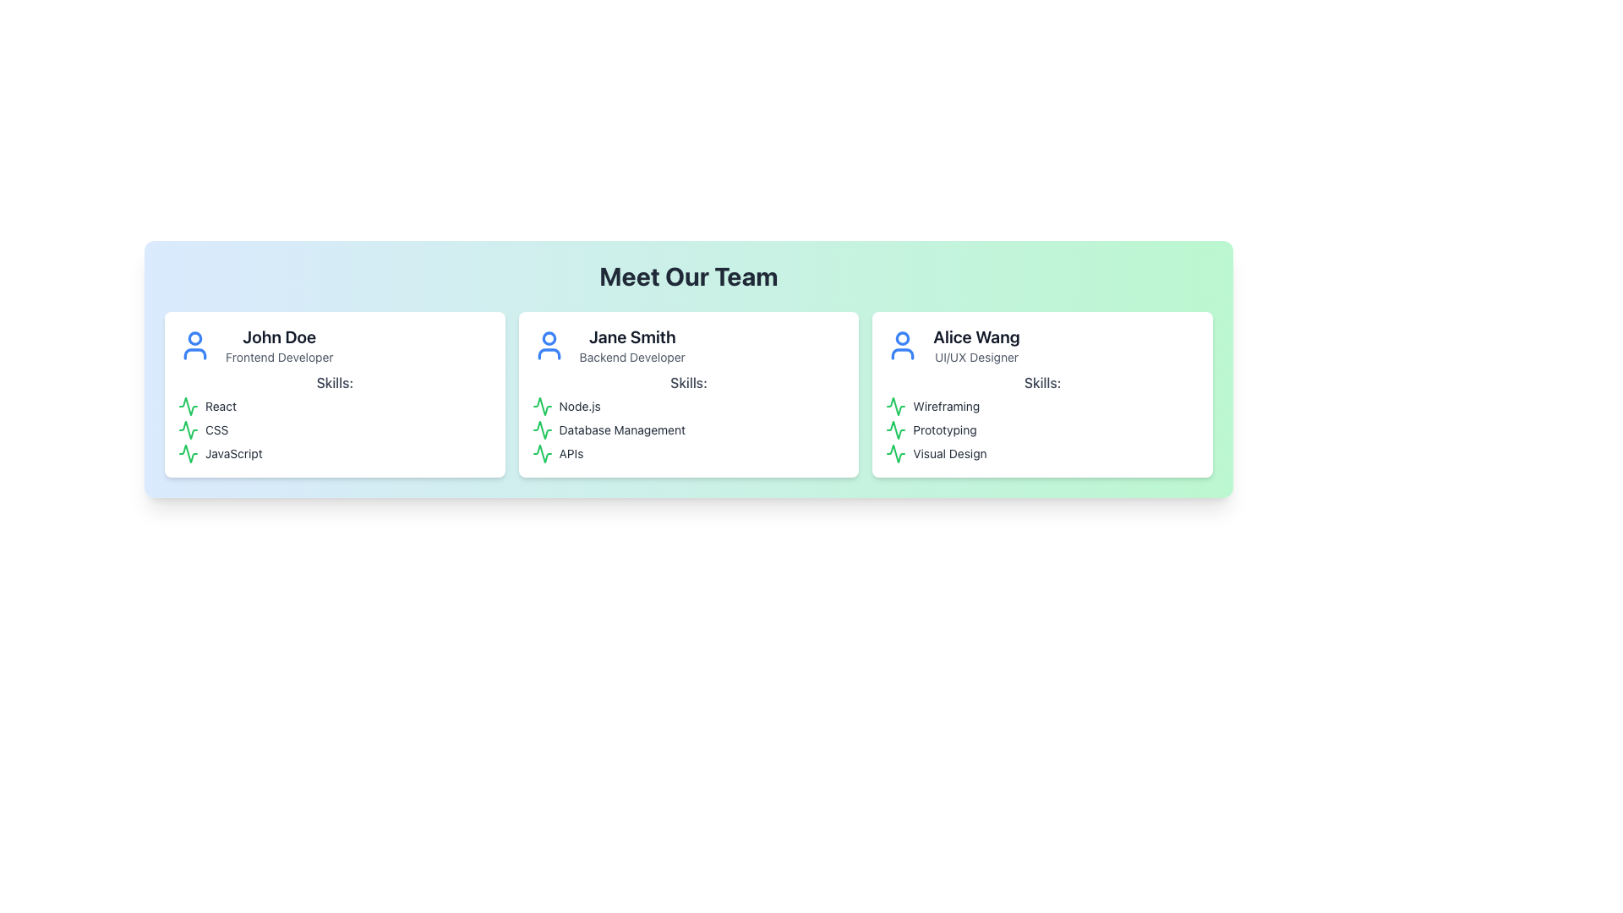  Describe the element at coordinates (279, 336) in the screenshot. I see `static text element displaying the name 'John Doe', which is positioned at the top-left of the profile card and above the text 'Frontend Developer'` at that location.